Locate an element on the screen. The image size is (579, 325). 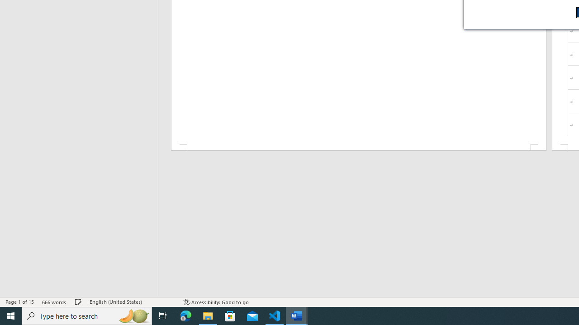
'Spelling and Grammar Check Checking' is located at coordinates (78, 302).